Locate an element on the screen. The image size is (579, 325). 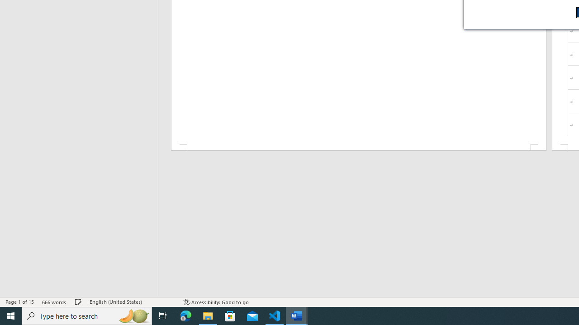
'Spelling and Grammar Check Checking' is located at coordinates (78, 302).